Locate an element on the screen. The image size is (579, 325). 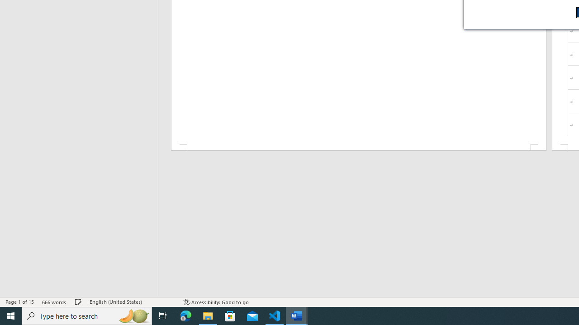
'Spelling and Grammar Check Checking' is located at coordinates (78, 302).